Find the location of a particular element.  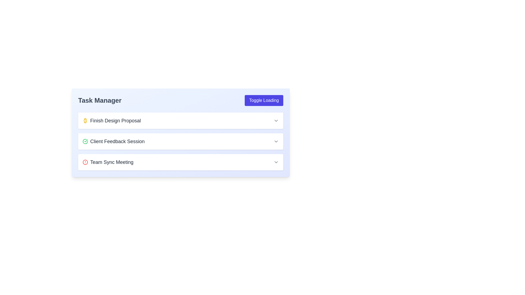

the list item displaying 'Client Feedback Session' with a checkmark icon is located at coordinates (113, 141).